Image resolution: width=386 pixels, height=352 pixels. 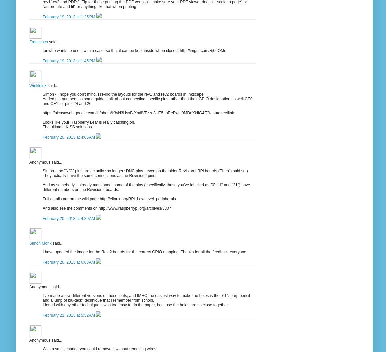 What do you see at coordinates (67, 127) in the screenshot?
I see `'The ultimate KISS solutions.'` at bounding box center [67, 127].